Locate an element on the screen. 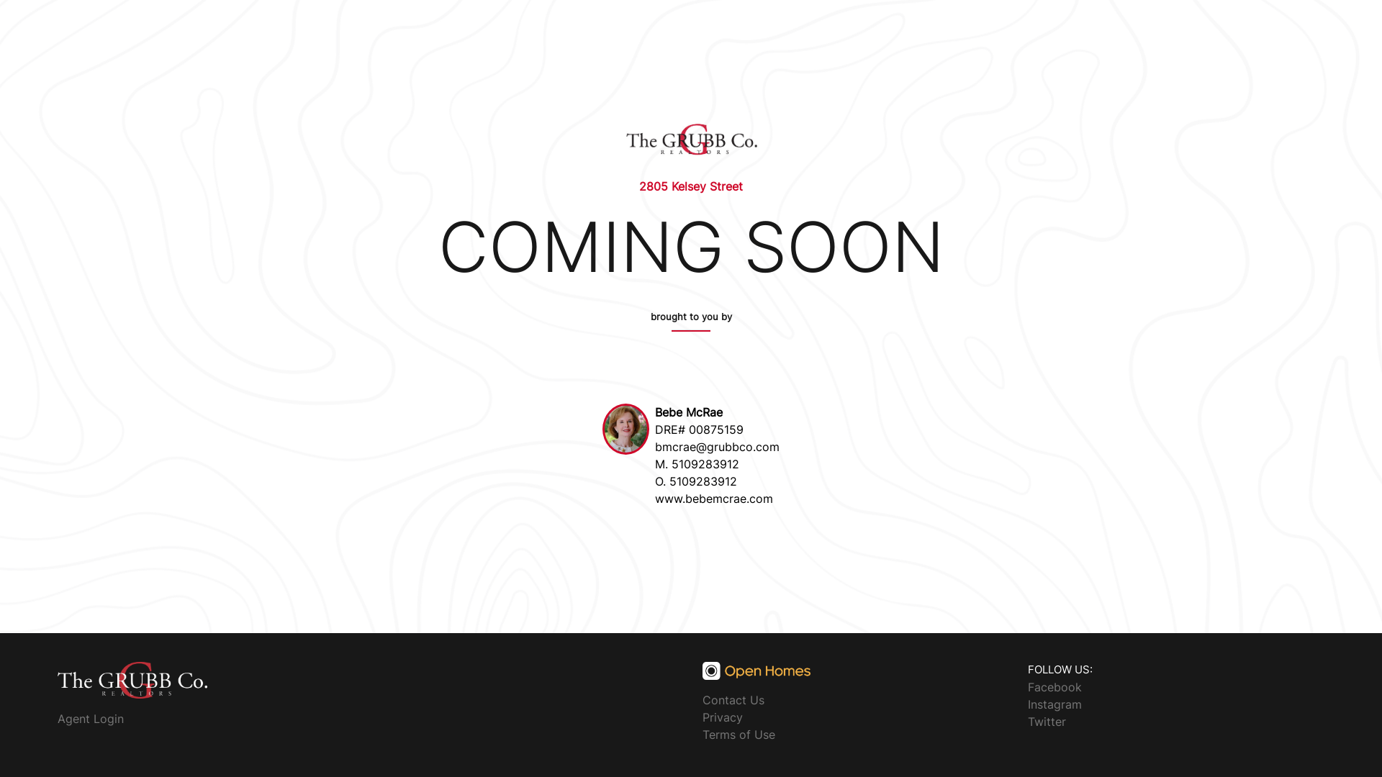  'Contact Us' is located at coordinates (733, 699).